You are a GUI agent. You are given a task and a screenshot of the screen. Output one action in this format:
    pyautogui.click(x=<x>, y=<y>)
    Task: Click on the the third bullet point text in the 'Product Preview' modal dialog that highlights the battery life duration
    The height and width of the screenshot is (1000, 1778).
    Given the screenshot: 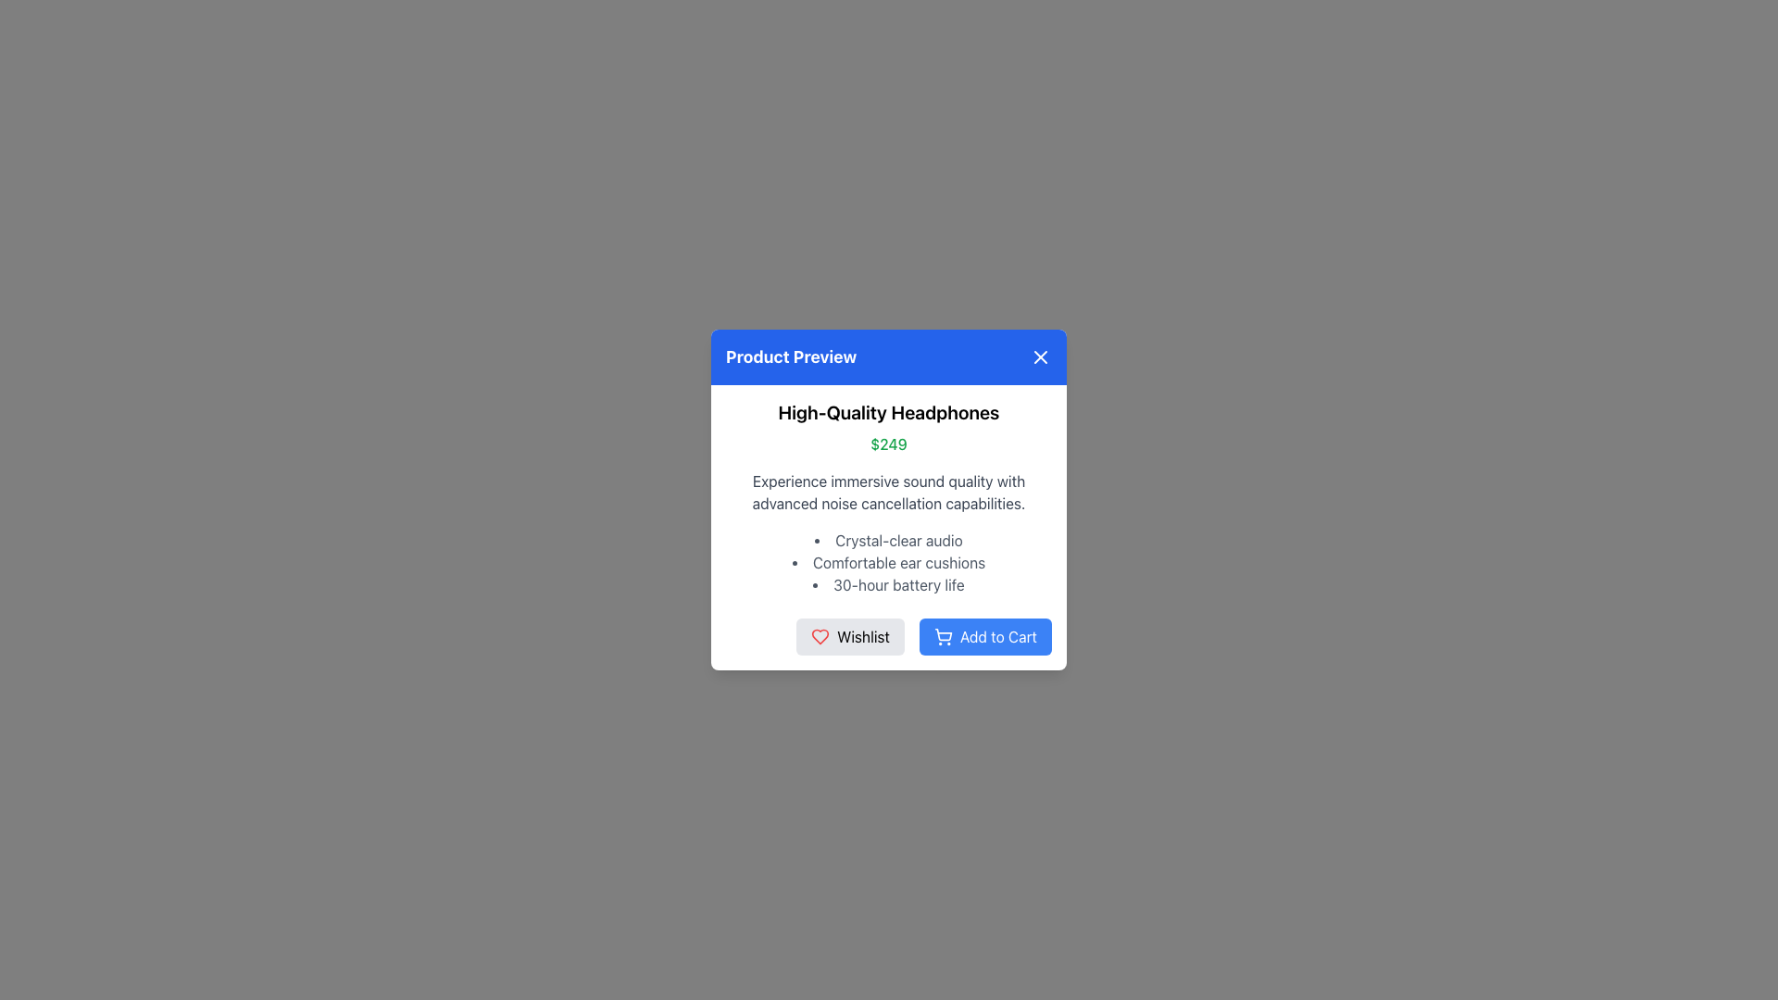 What is the action you would take?
    pyautogui.click(x=889, y=585)
    